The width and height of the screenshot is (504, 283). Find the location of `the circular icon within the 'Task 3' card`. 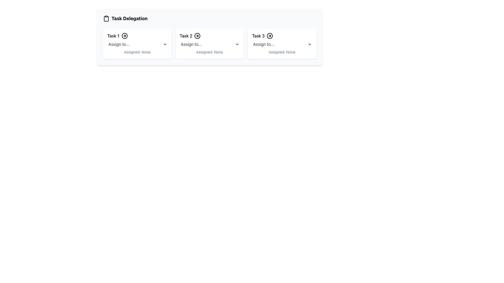

the circular icon within the 'Task 3' card is located at coordinates (270, 36).